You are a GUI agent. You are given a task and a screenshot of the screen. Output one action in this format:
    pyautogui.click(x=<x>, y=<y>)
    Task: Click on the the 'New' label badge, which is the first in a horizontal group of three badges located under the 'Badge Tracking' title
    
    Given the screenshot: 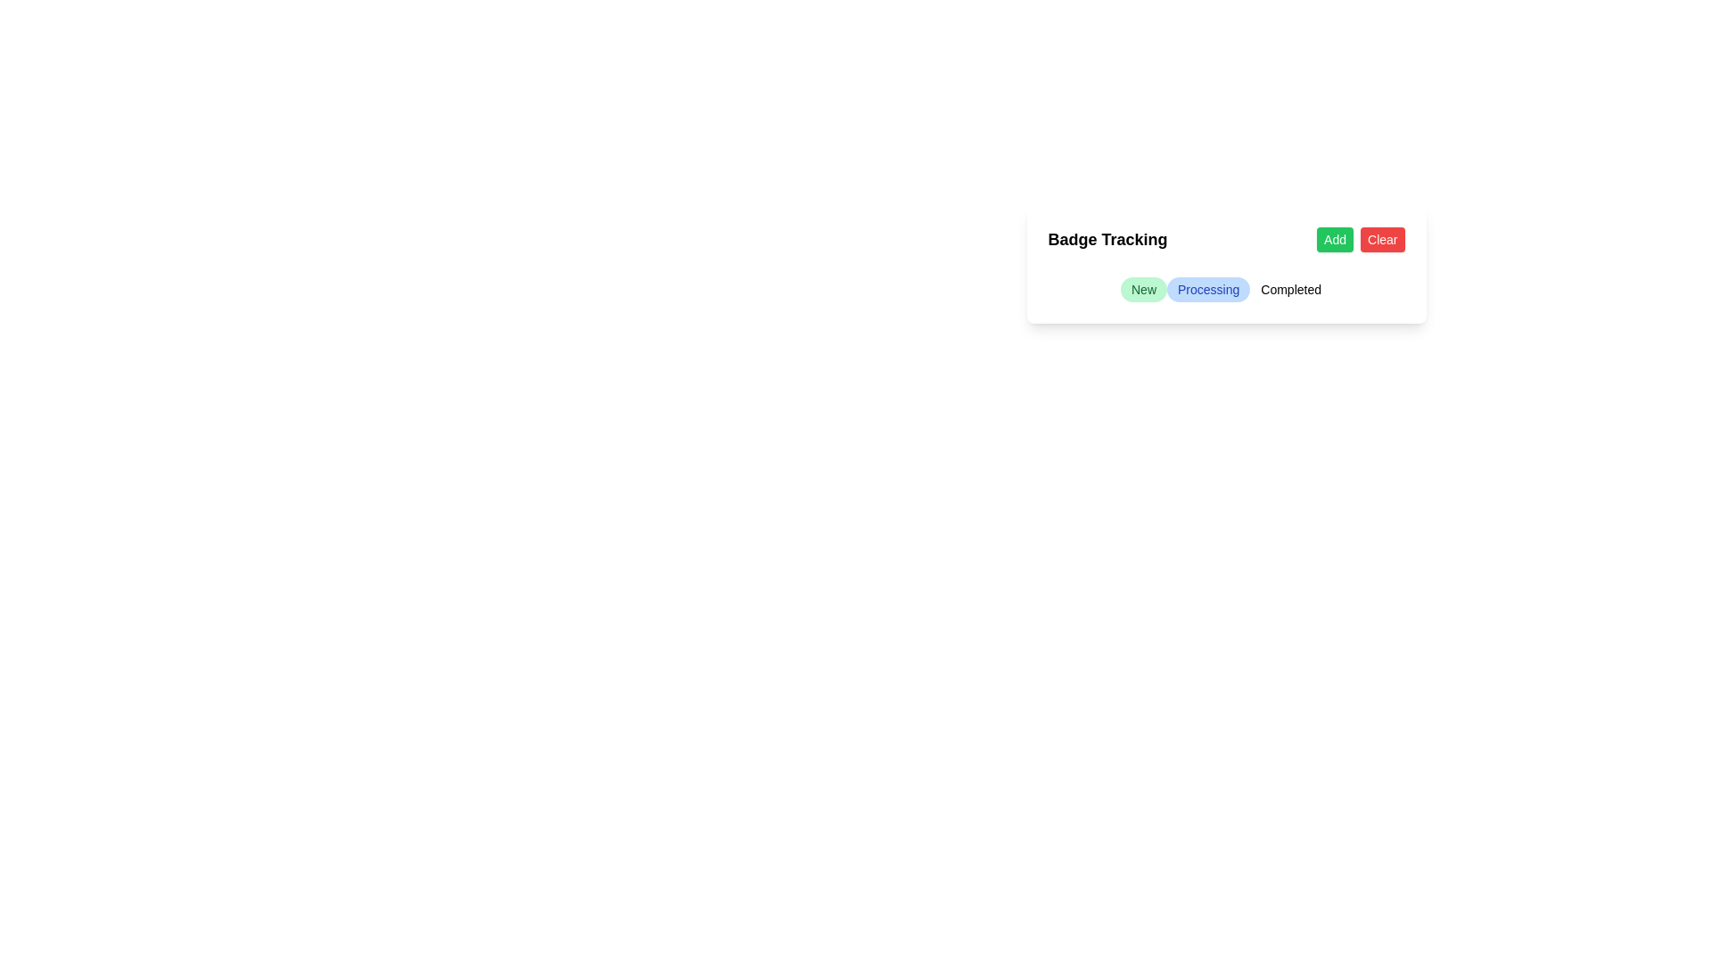 What is the action you would take?
    pyautogui.click(x=1143, y=288)
    